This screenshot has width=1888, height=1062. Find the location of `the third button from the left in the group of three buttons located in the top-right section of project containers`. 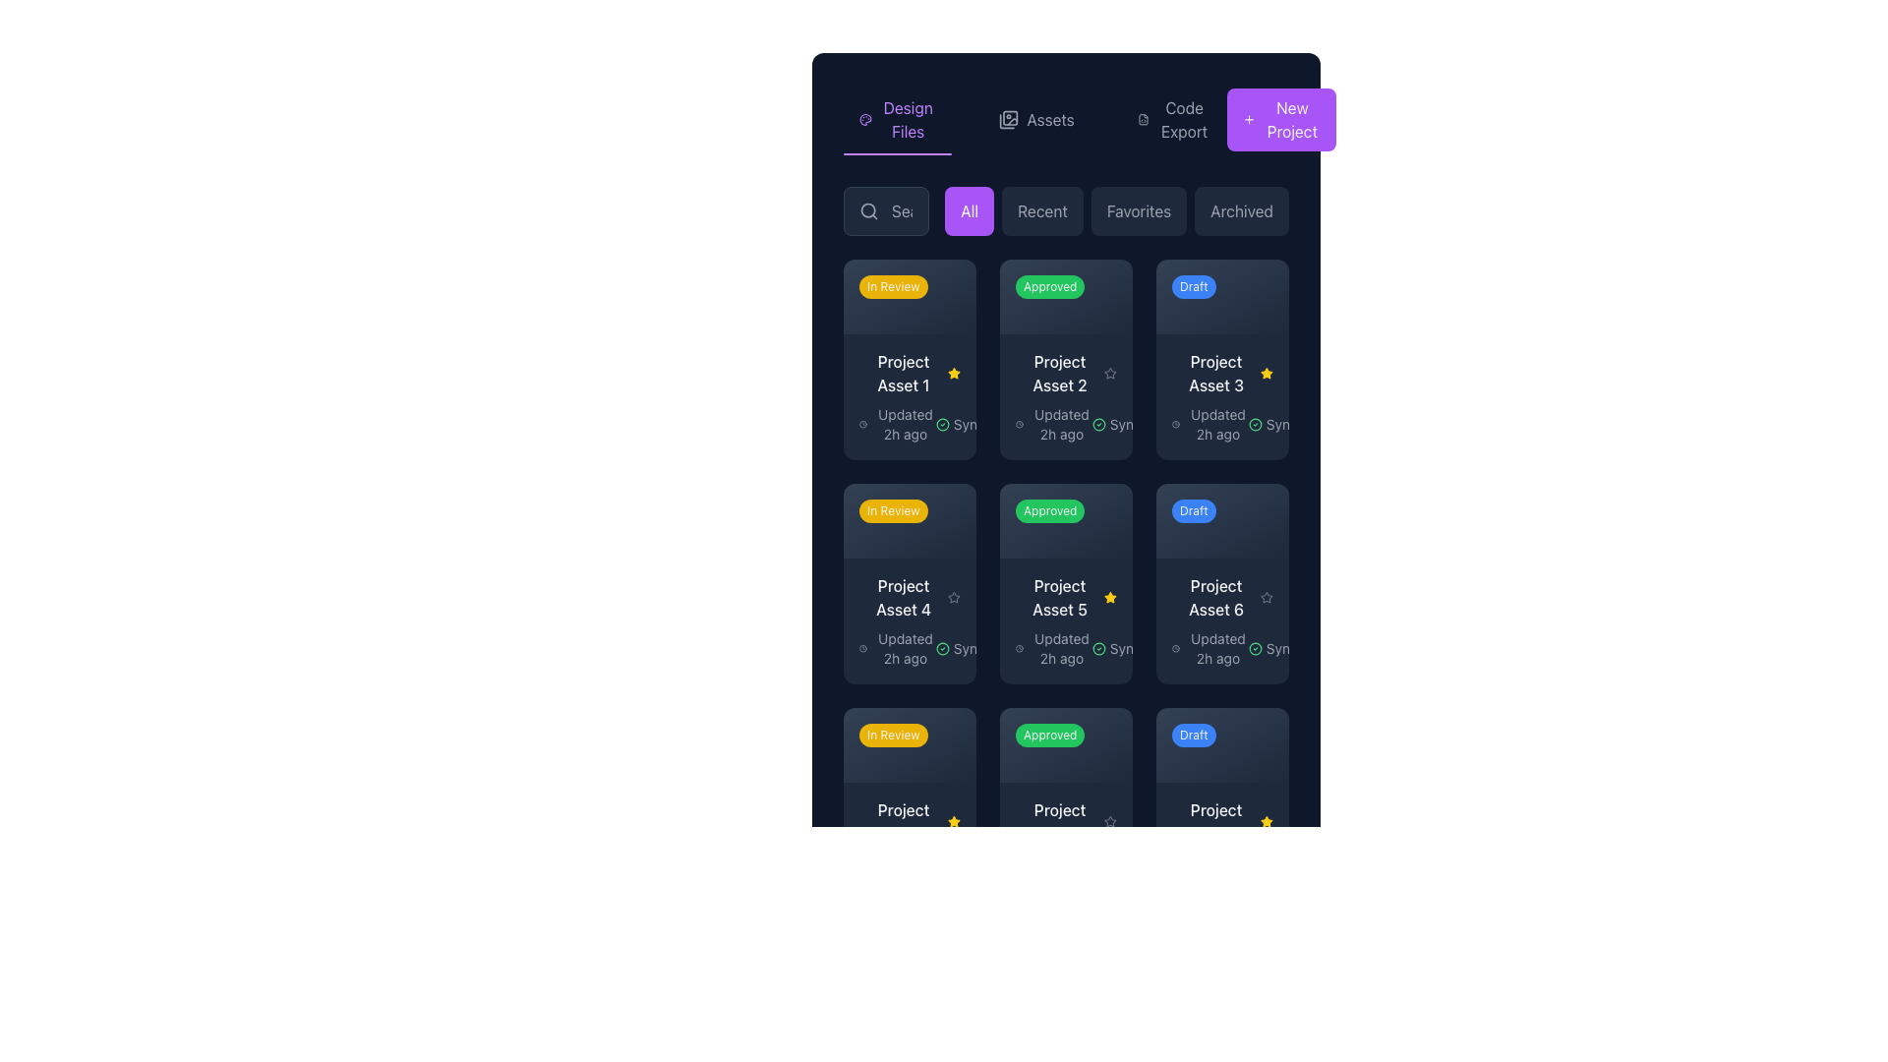

the third button from the left in the group of three buttons located in the top-right section of project containers is located at coordinates (1256, 291).